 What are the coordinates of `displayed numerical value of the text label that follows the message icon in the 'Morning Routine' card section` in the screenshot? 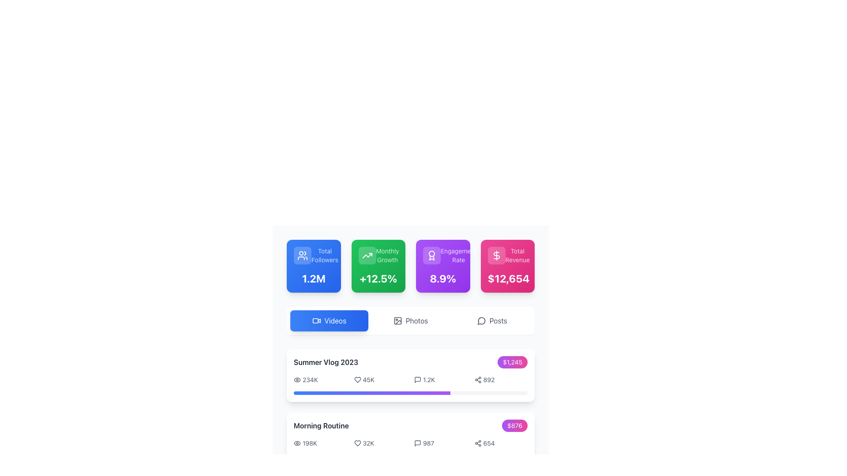 It's located at (428, 443).